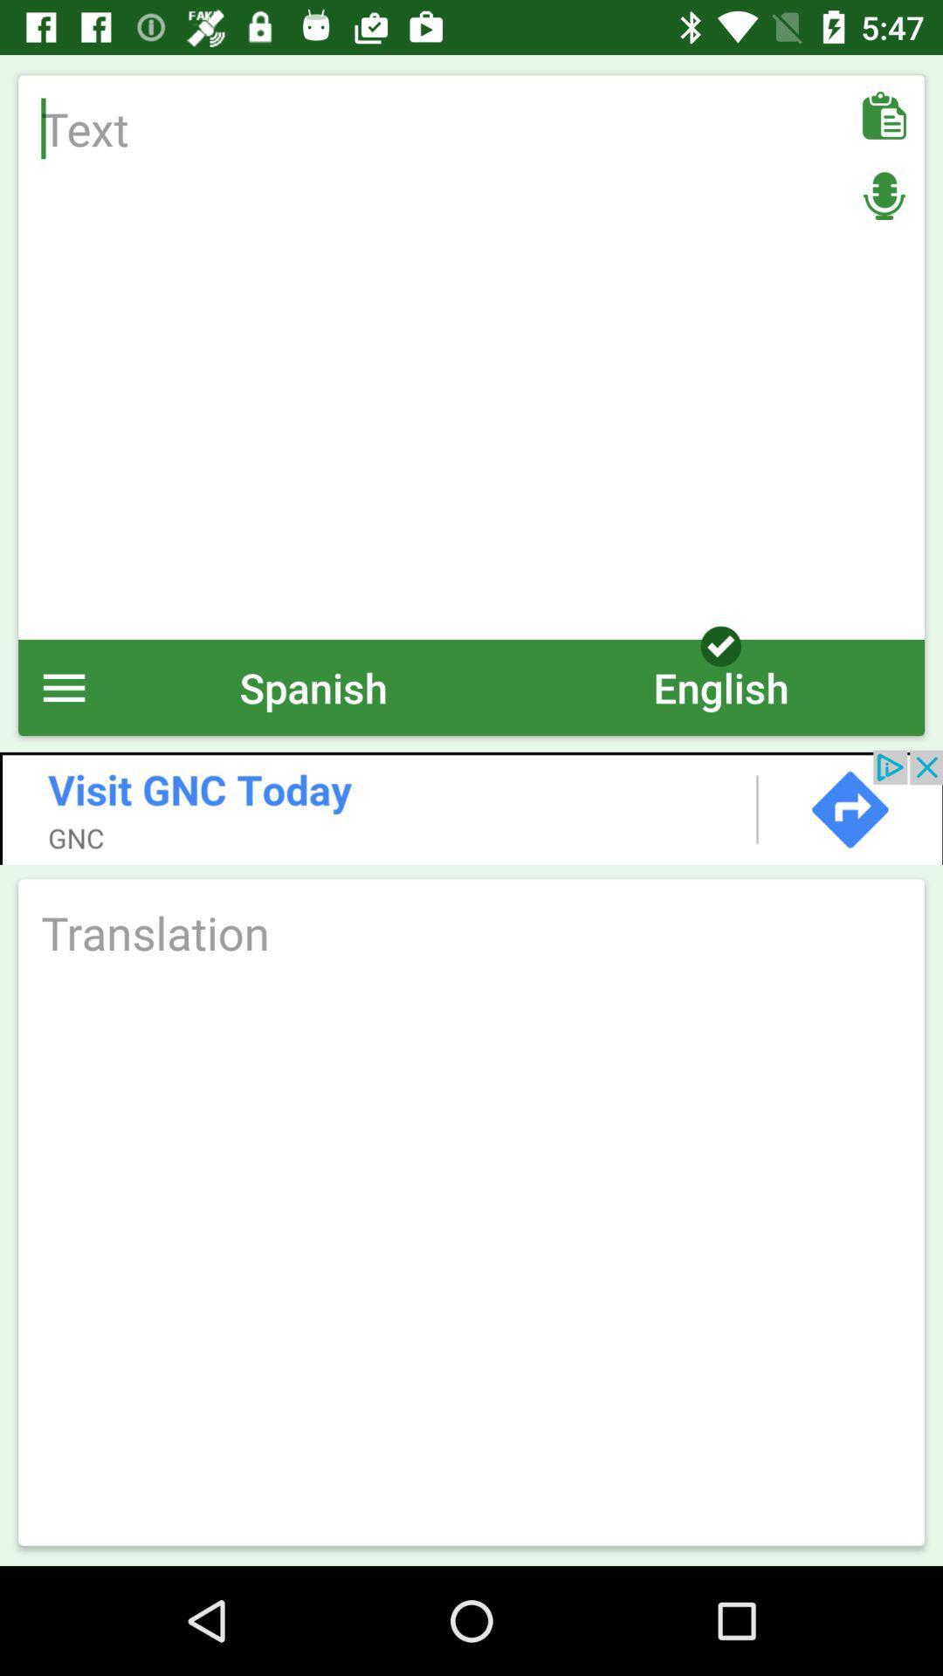 This screenshot has height=1676, width=943. Describe the element at coordinates (471, 931) in the screenshot. I see `translation text area` at that location.